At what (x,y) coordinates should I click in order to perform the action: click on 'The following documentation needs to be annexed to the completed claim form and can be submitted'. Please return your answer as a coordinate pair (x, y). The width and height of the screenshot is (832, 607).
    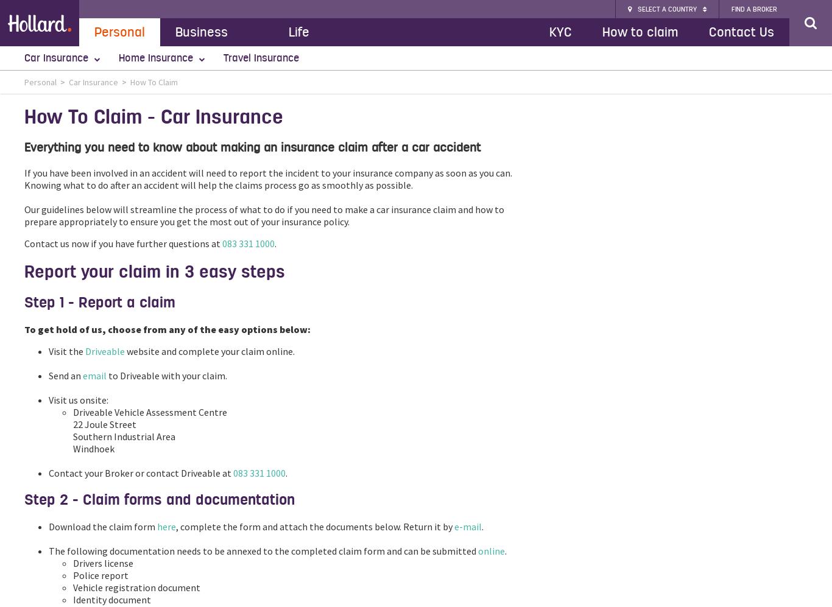
    Looking at the image, I should click on (49, 550).